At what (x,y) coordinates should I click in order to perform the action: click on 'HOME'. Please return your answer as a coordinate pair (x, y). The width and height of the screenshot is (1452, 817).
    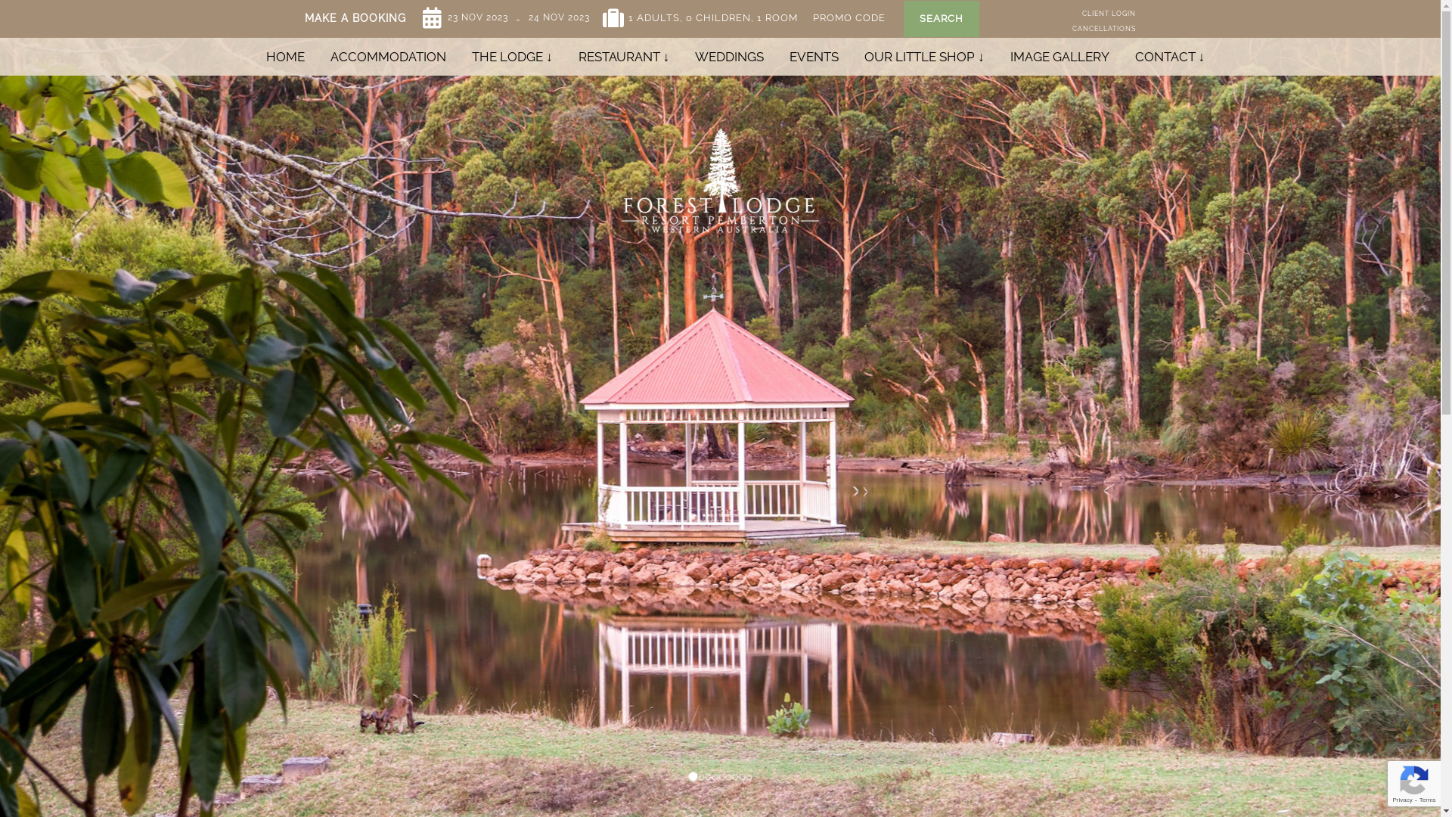
    Looking at the image, I should click on (285, 55).